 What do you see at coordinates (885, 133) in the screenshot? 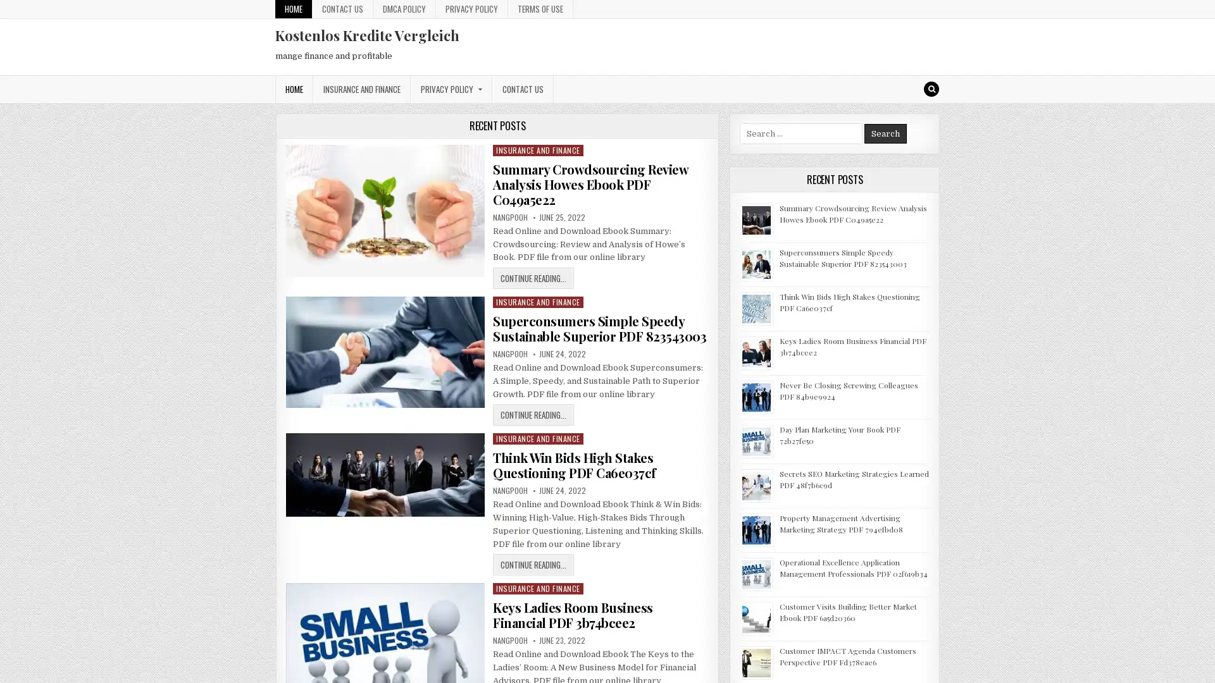
I see `Search` at bounding box center [885, 133].